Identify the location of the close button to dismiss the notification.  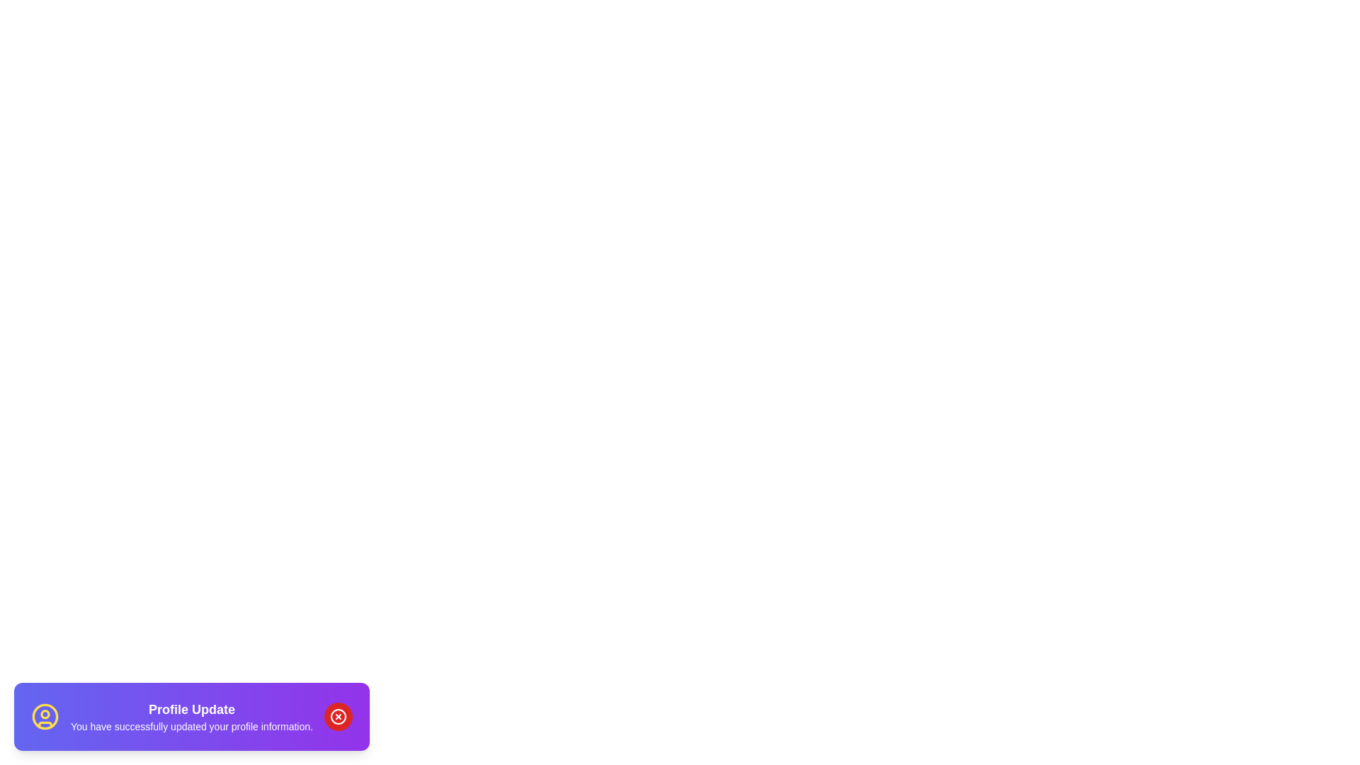
(337, 716).